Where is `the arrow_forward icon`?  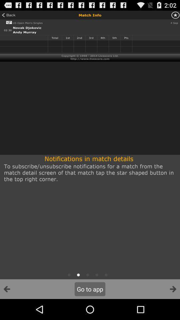 the arrow_forward icon is located at coordinates (173, 309).